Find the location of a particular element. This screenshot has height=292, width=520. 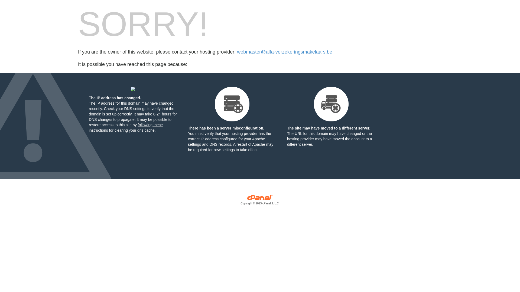

'following these instructions' is located at coordinates (125, 127).